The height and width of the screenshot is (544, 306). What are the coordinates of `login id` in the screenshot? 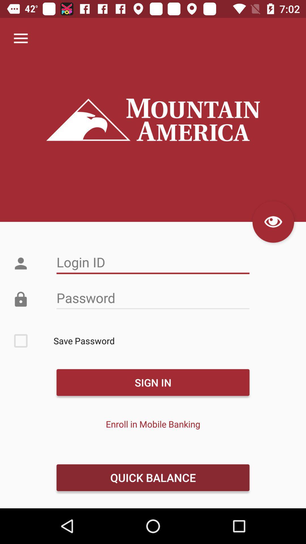 It's located at (153, 262).